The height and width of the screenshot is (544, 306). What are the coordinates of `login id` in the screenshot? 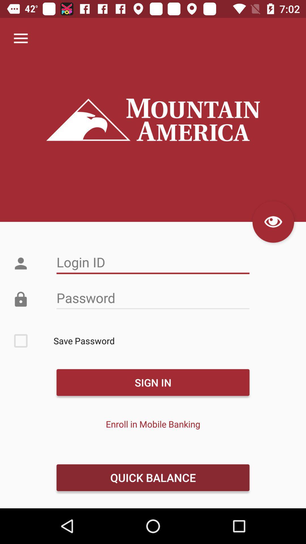 It's located at (153, 262).